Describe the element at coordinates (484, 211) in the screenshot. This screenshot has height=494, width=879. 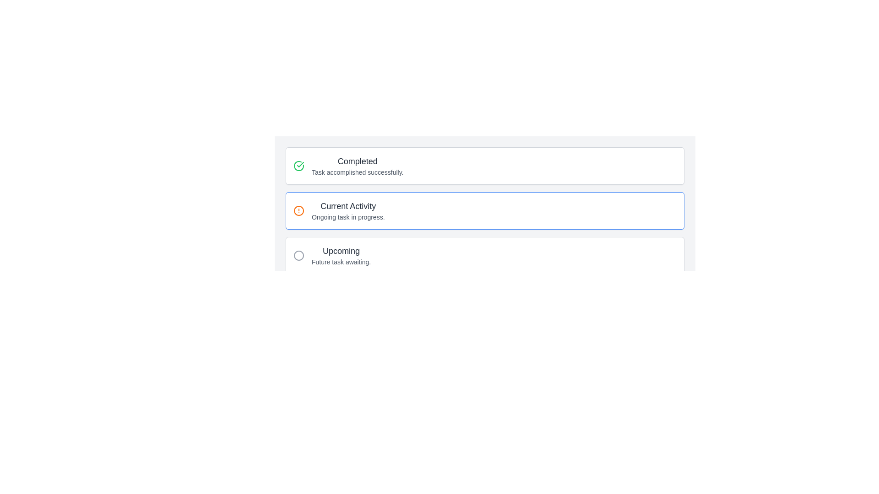
I see `the Informational Card titled 'Current Activity', which contains the description 'Ongoing task in progress.'` at that location.